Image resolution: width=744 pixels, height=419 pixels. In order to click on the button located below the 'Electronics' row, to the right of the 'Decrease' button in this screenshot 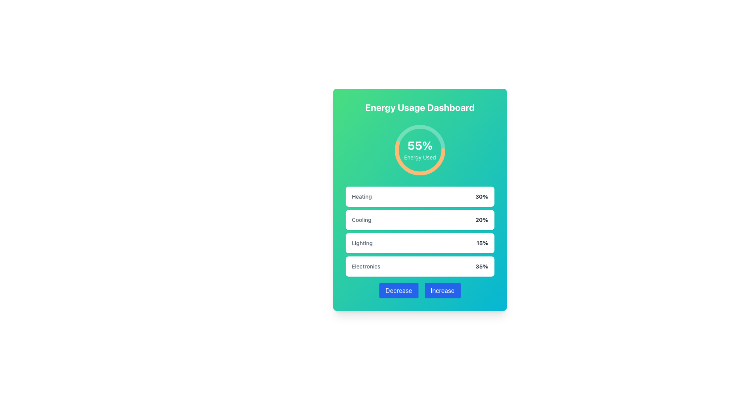, I will do `click(443, 290)`.